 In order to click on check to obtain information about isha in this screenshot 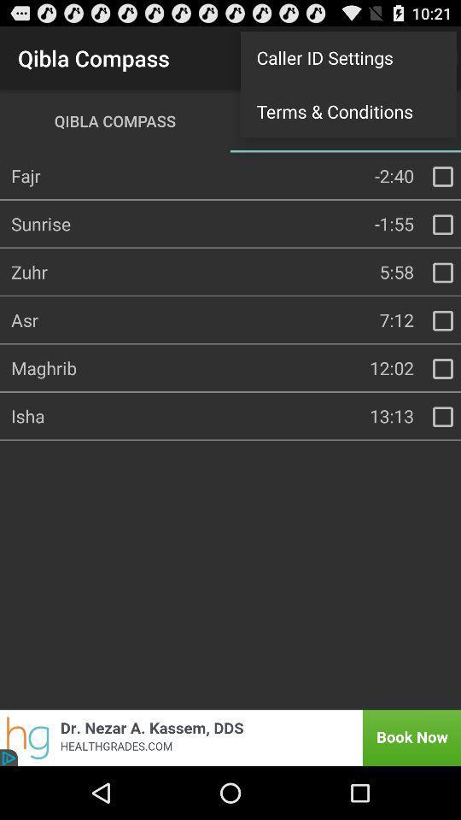, I will do `click(442, 416)`.